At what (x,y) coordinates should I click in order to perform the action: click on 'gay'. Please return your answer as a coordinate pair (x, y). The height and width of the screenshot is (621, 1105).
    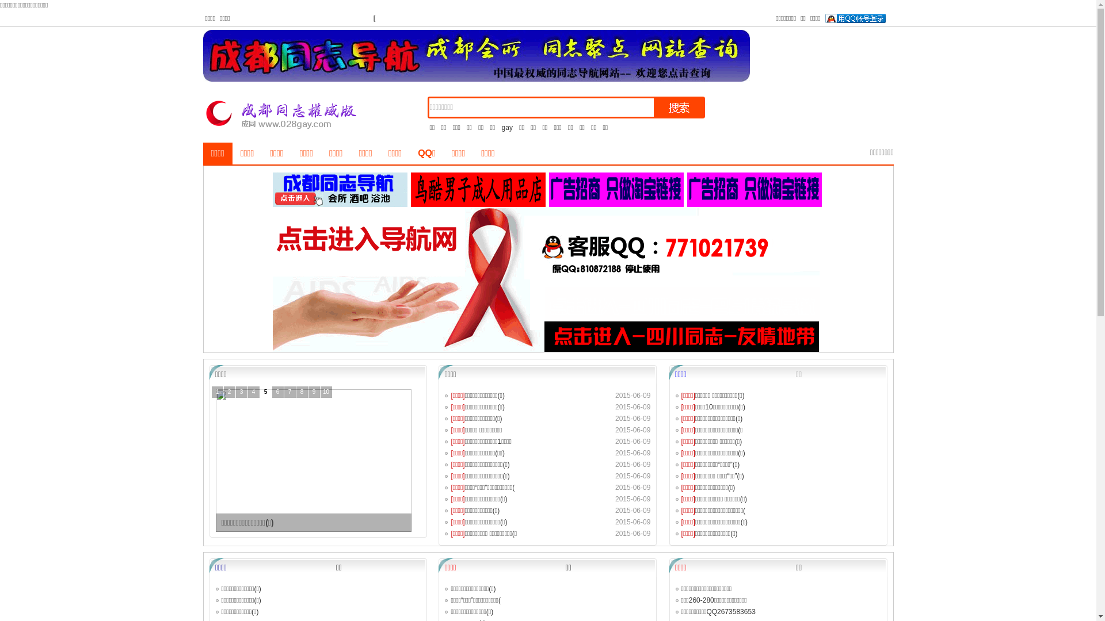
    Looking at the image, I should click on (506, 128).